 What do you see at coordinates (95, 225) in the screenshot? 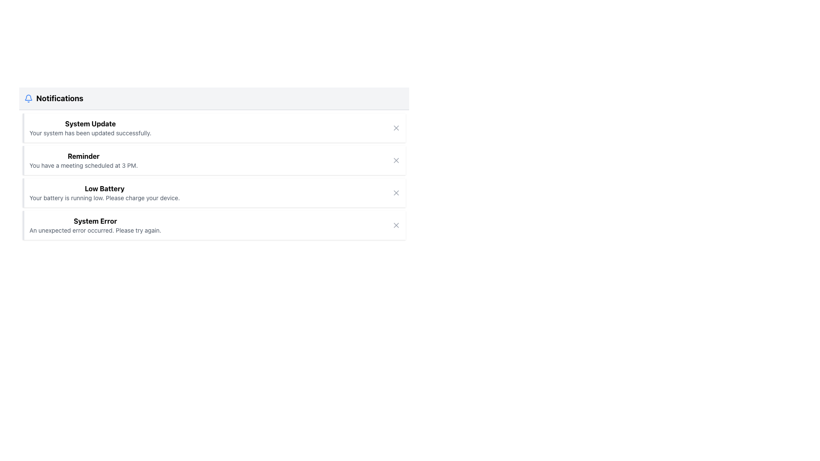
I see `error message from the Notification Box that displays 'System Error' and 'An unexpected error occurred. Please try again.'` at bounding box center [95, 225].